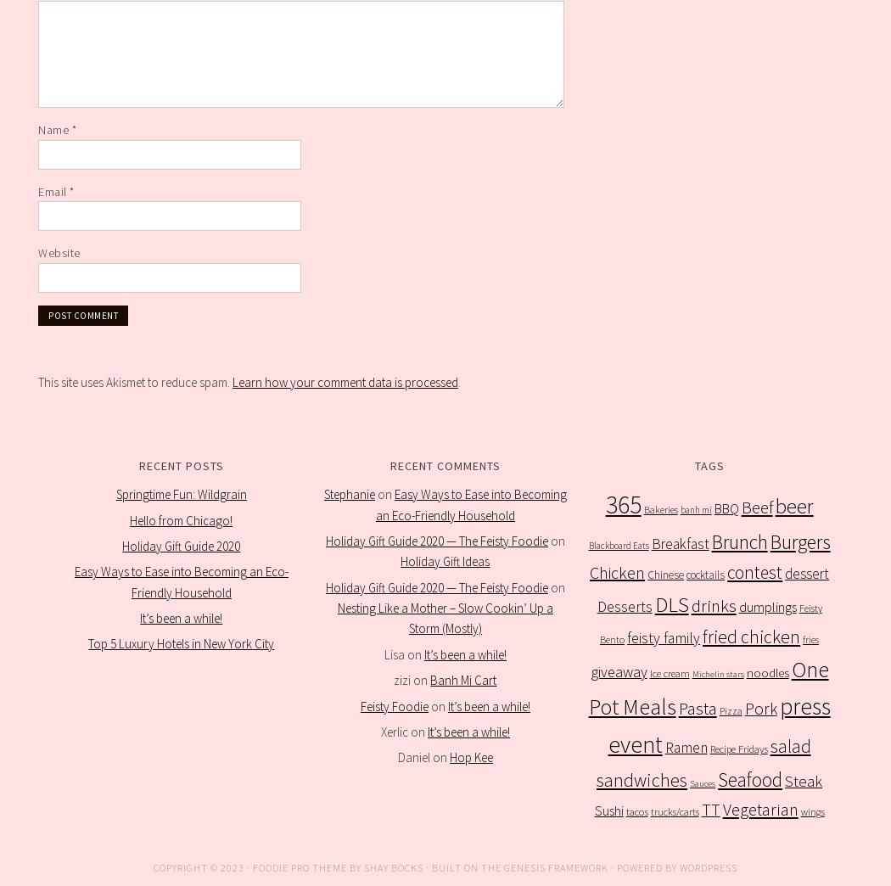  I want to click on '·  Powered by', so click(644, 867).